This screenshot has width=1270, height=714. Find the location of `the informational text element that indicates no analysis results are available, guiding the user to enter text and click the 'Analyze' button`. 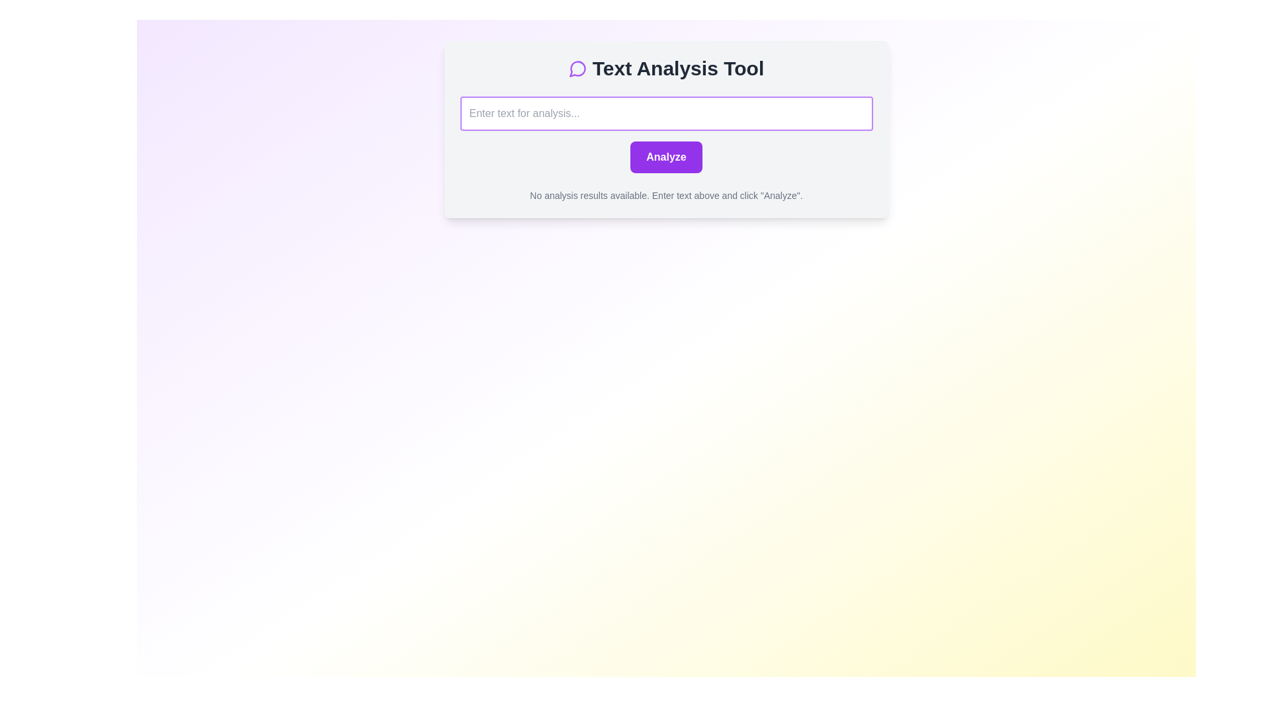

the informational text element that indicates no analysis results are available, guiding the user to enter text and click the 'Analyze' button is located at coordinates (666, 196).